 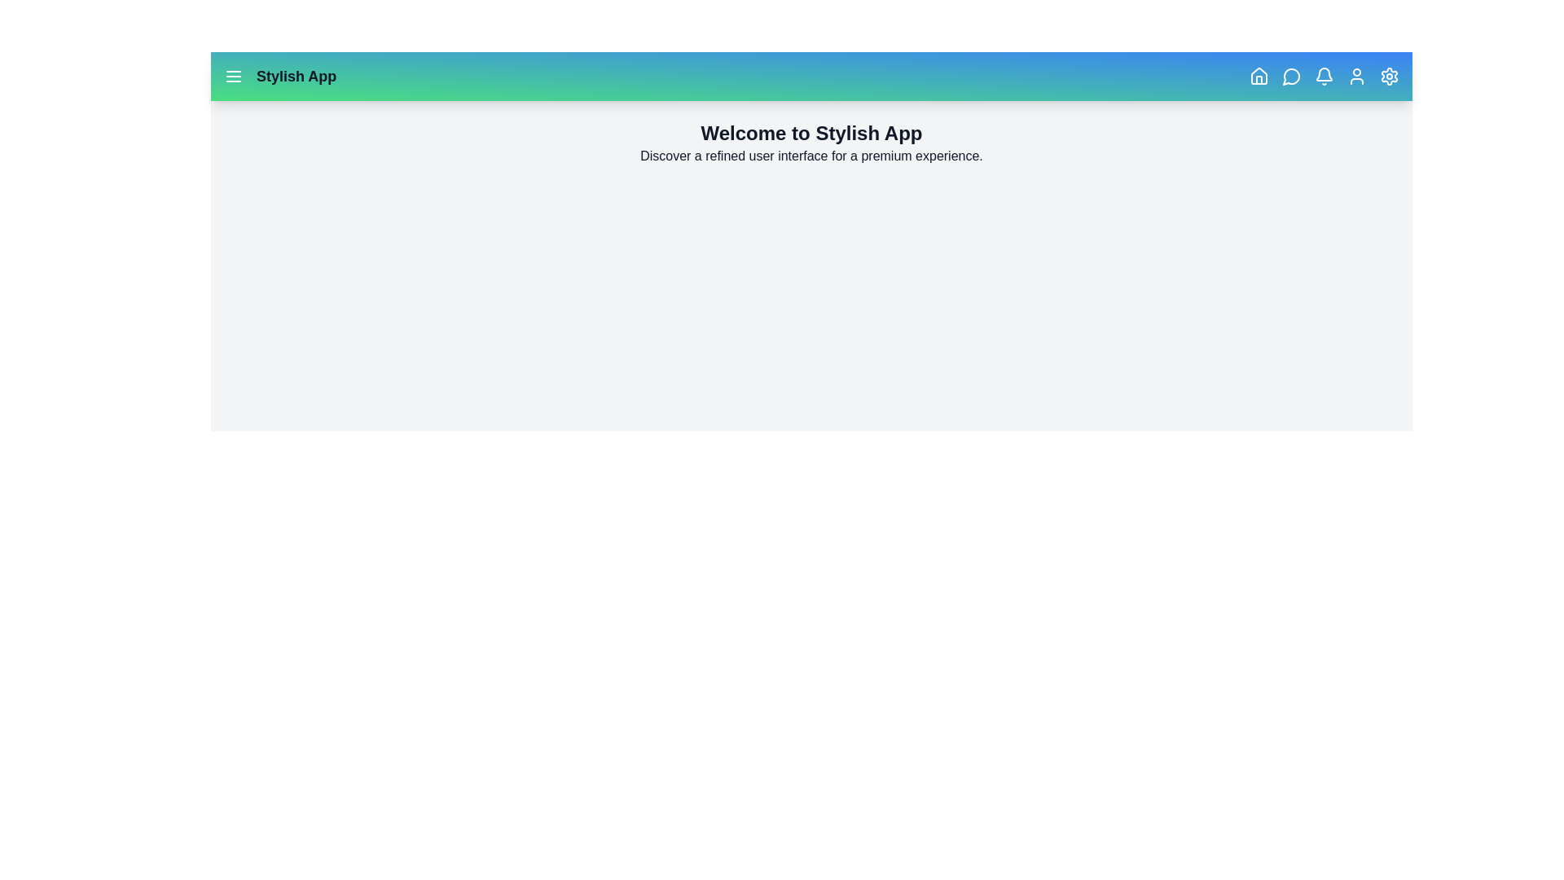 I want to click on the Home button to navigate to the Home section, so click(x=1258, y=76).